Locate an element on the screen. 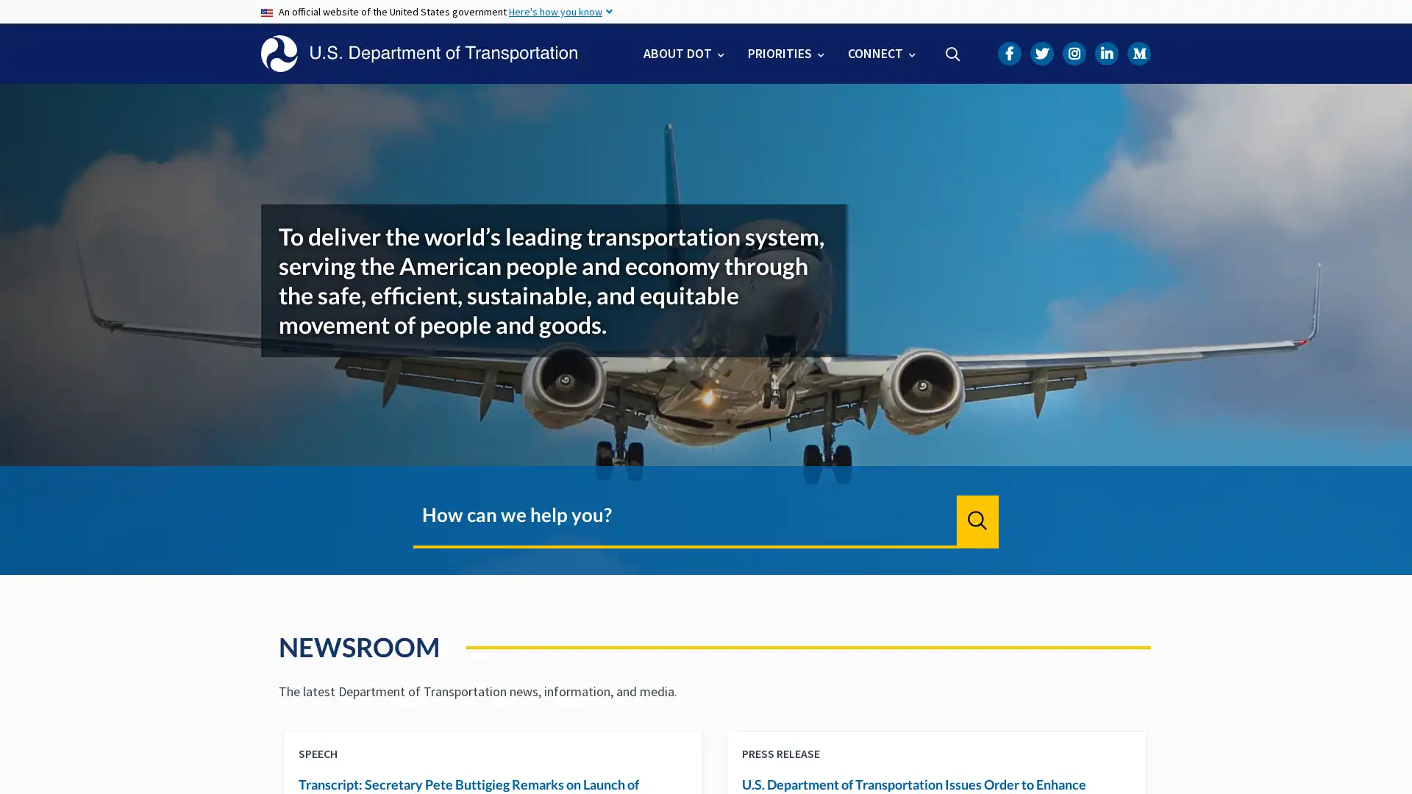  Search is located at coordinates (953, 53).